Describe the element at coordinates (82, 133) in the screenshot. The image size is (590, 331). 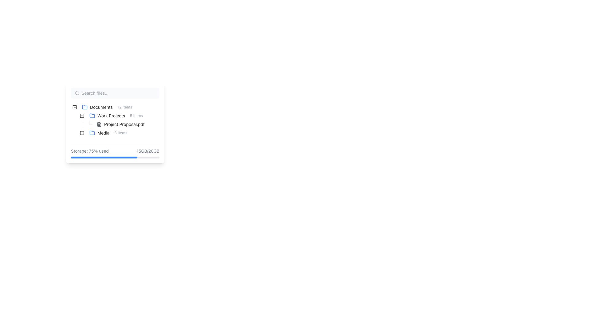
I see `the icon` at that location.